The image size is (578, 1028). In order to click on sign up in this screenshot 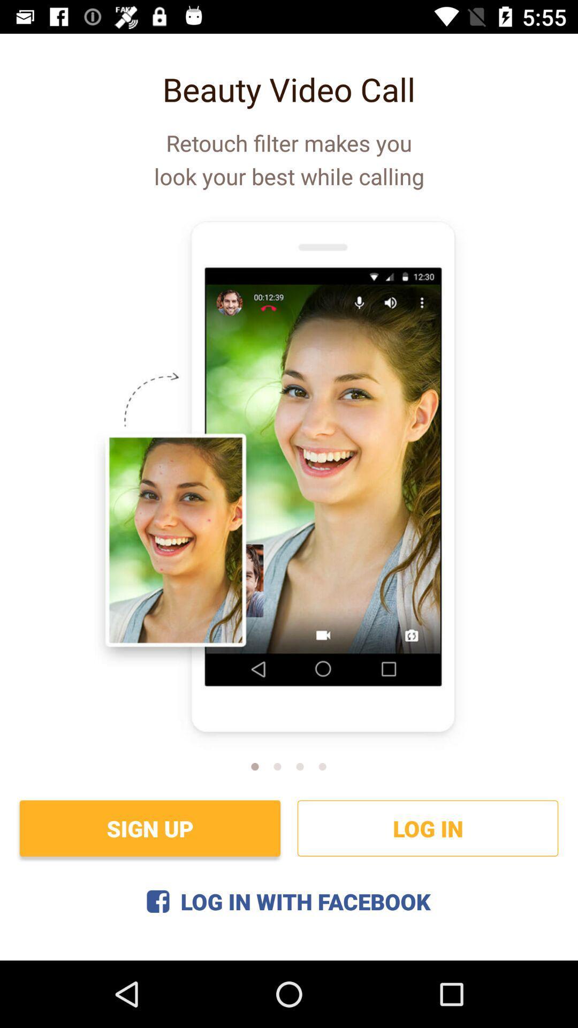, I will do `click(150, 828)`.